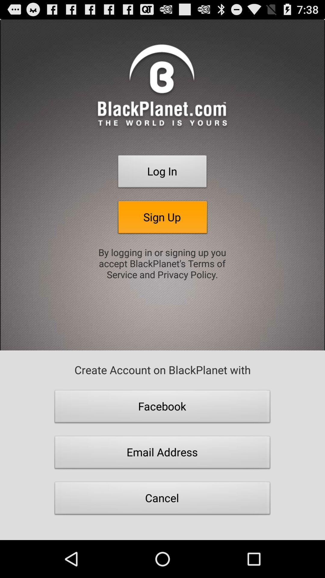 The image size is (325, 578). What do you see at coordinates (162, 454) in the screenshot?
I see `the button above the cancel item` at bounding box center [162, 454].